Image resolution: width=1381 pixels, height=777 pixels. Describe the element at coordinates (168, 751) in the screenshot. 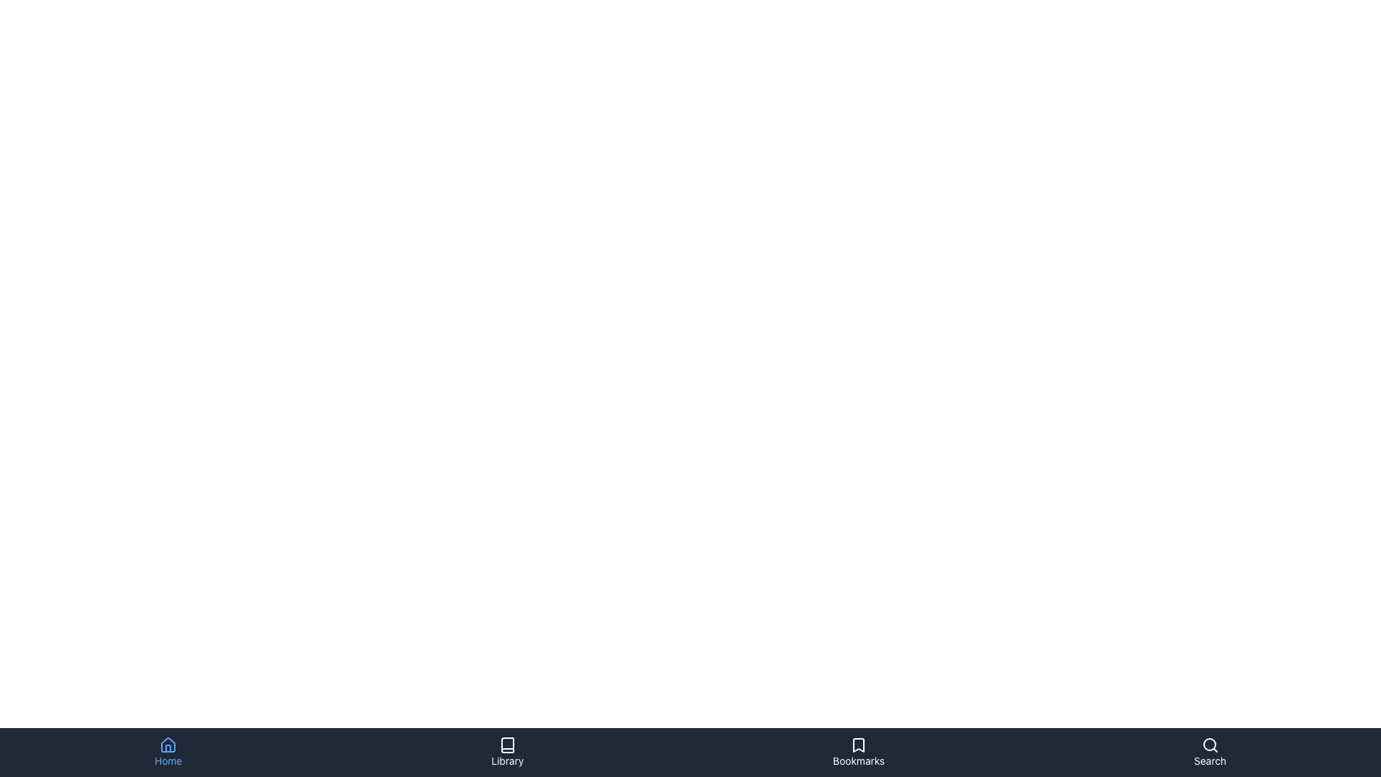

I see `the 'Home' button, which features a blue house icon and is the first item in the bottom navigation bar` at that location.